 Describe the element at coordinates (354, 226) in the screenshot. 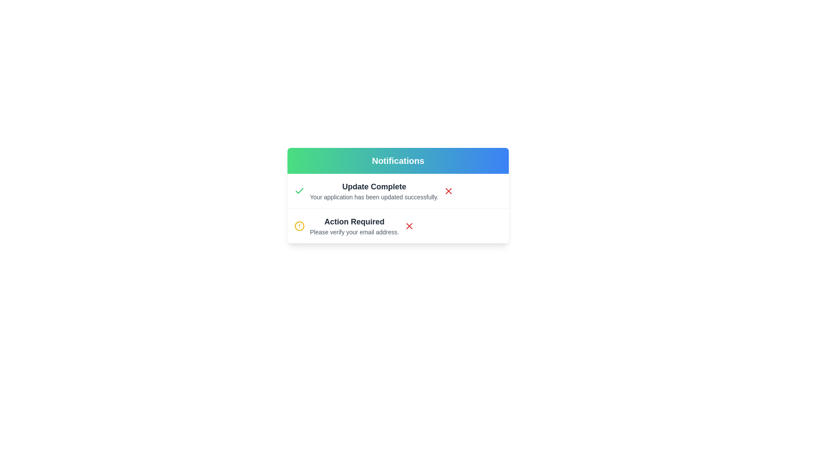

I see `text content of the Text Label that informs the user to verify their email address, located in the center-right area of the notification box below the 'Update Complete' notification` at that location.